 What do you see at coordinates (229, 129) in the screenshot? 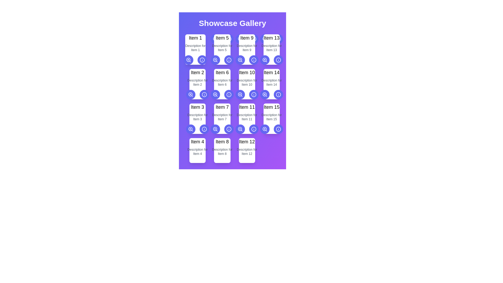
I see `the SVG circle component that indicates an 'information' function for 'Item 11.'` at bounding box center [229, 129].